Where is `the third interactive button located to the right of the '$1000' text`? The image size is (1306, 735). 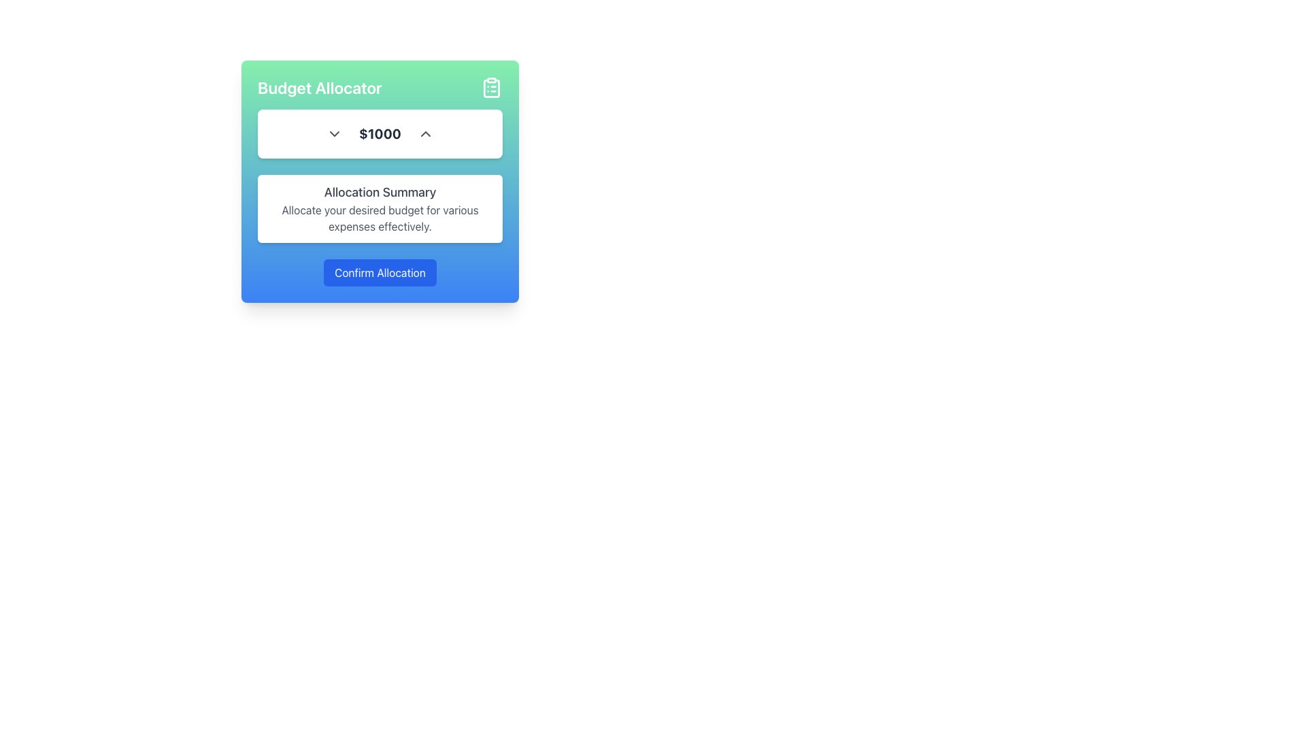
the third interactive button located to the right of the '$1000' text is located at coordinates (424, 133).